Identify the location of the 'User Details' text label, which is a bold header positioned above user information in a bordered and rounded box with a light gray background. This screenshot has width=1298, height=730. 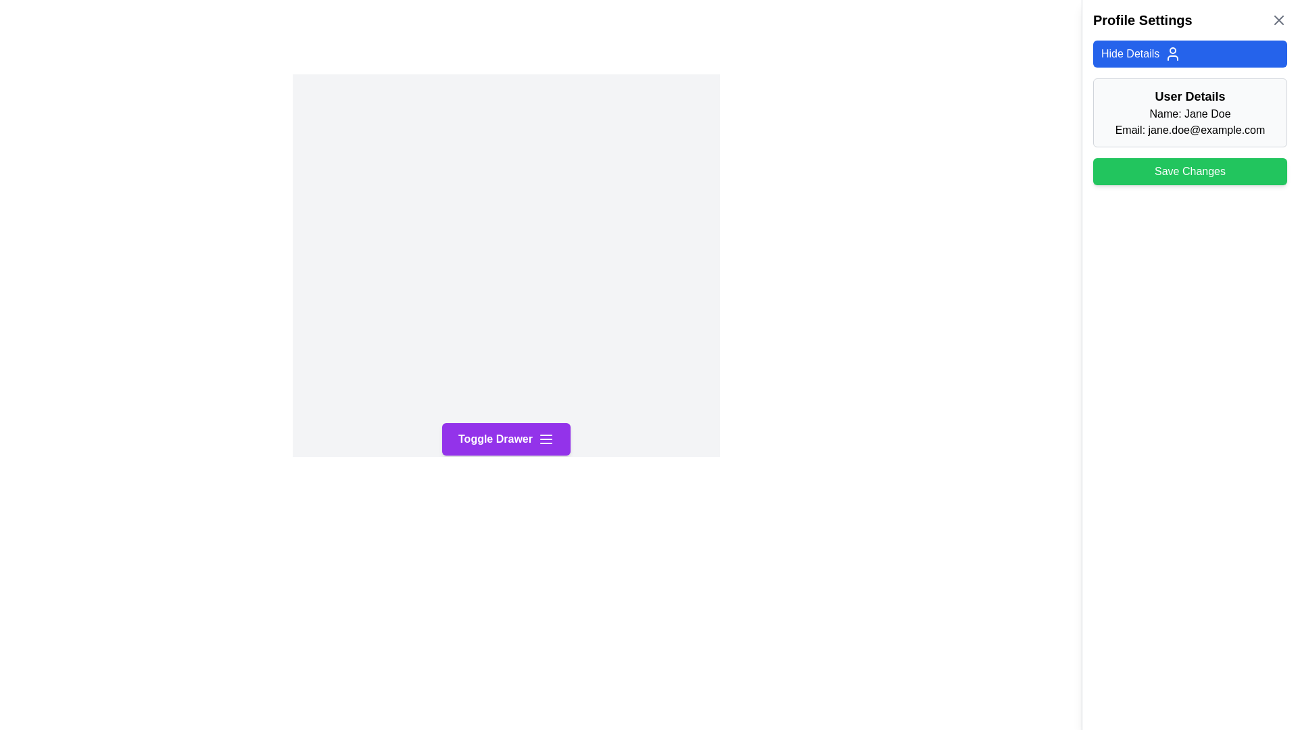
(1190, 95).